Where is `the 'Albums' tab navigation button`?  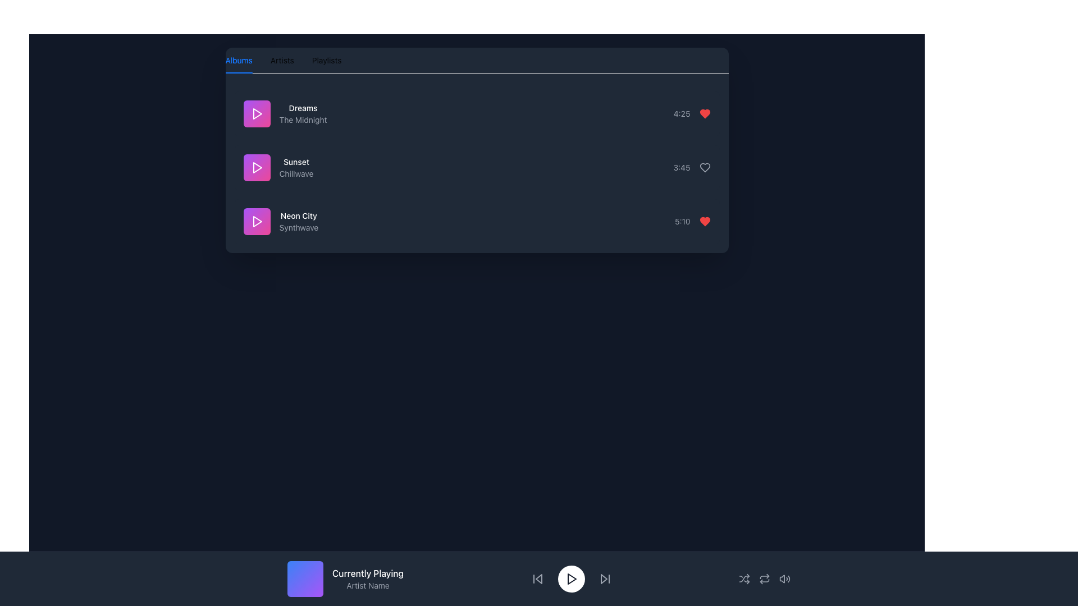 the 'Albums' tab navigation button is located at coordinates (238, 61).